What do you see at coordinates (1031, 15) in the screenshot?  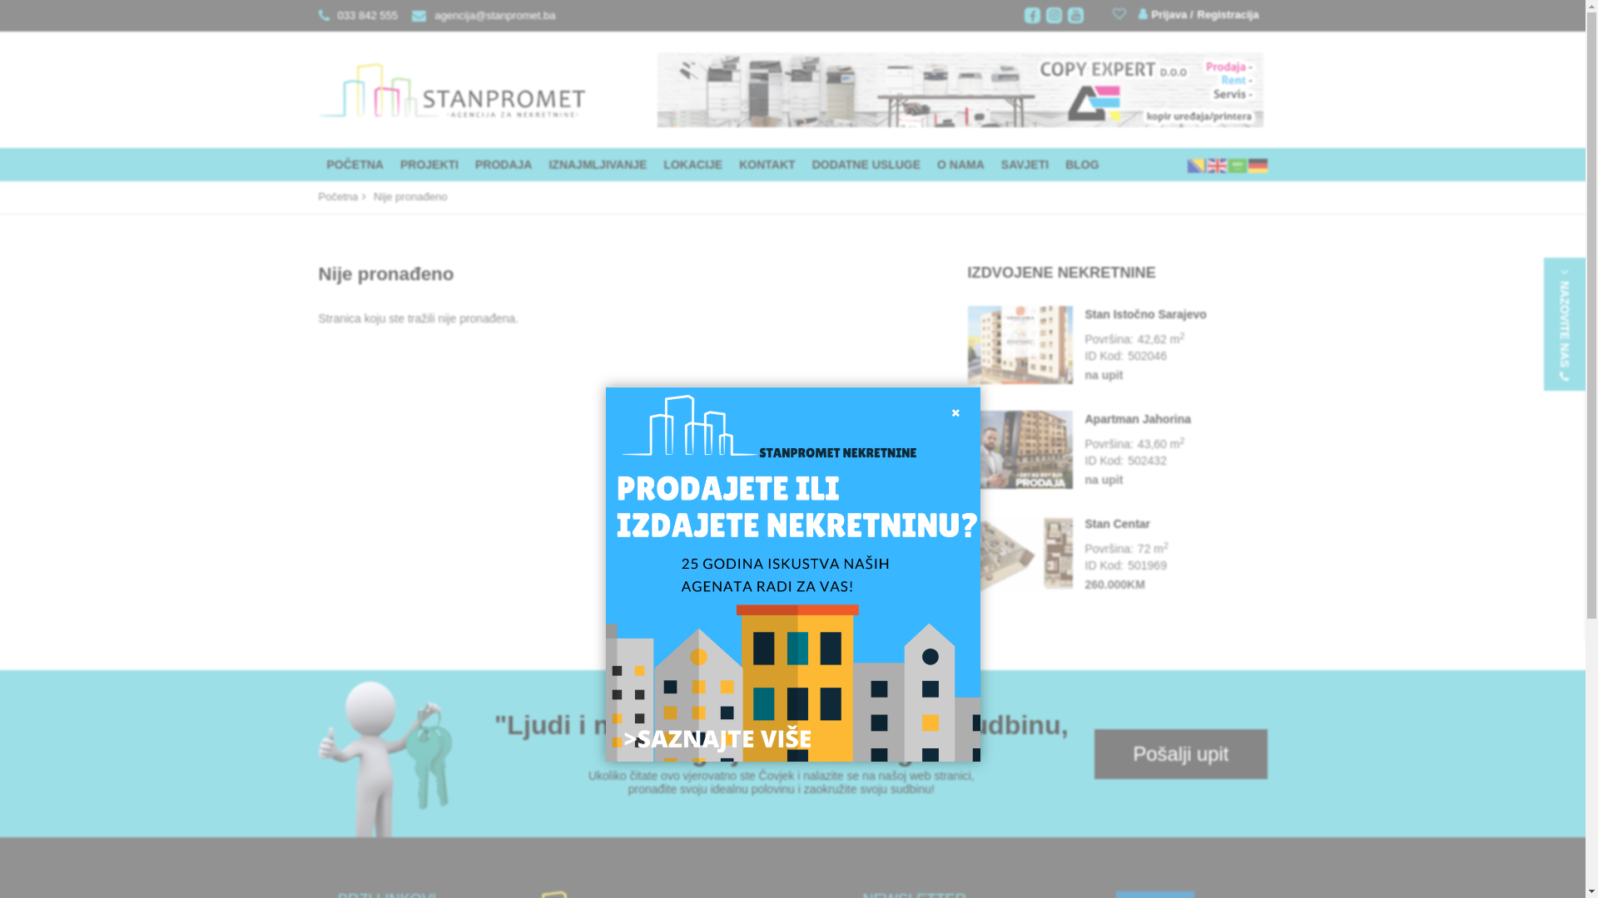 I see `'Facebook'` at bounding box center [1031, 15].